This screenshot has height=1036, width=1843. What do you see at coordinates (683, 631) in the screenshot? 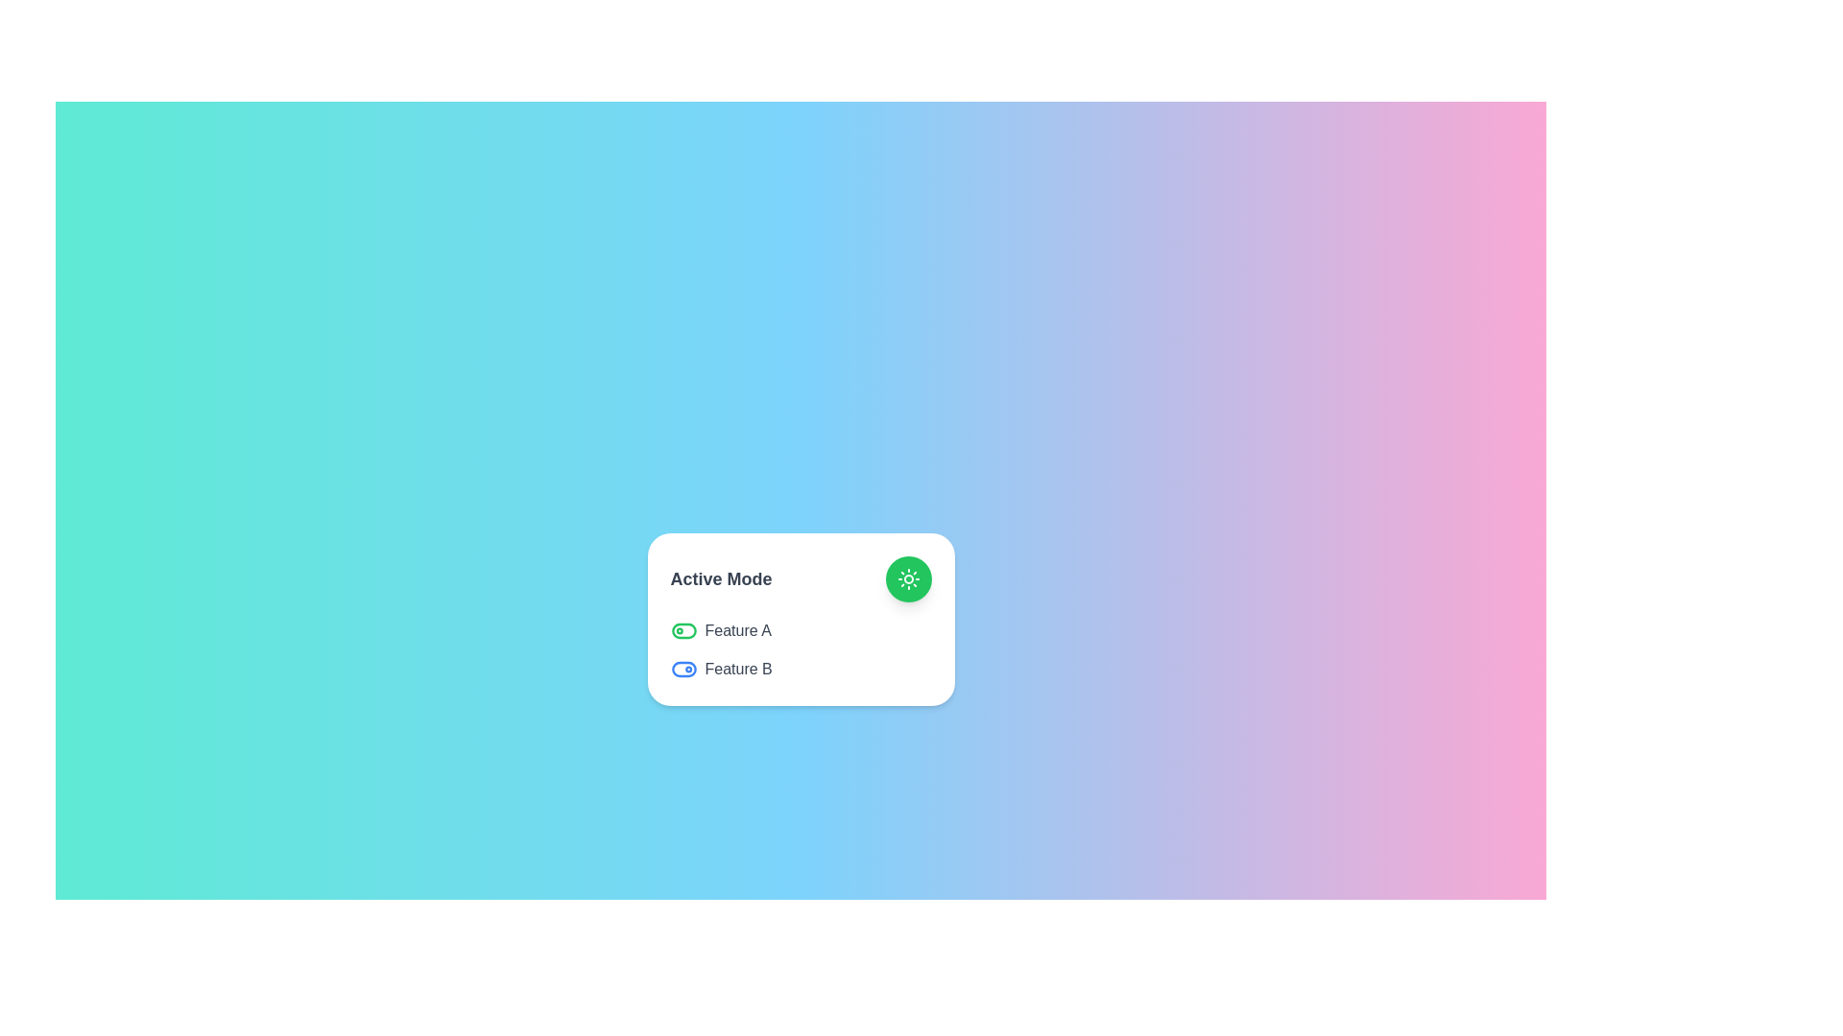
I see `the toggle switch for 'Feature A'` at bounding box center [683, 631].